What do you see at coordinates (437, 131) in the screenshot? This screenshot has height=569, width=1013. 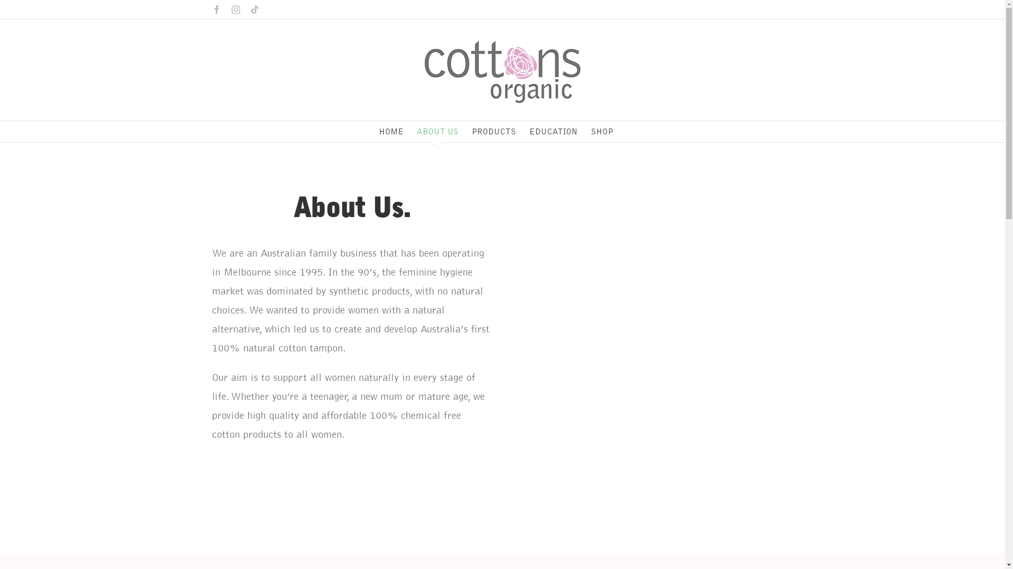 I see `'ABOUT US'` at bounding box center [437, 131].